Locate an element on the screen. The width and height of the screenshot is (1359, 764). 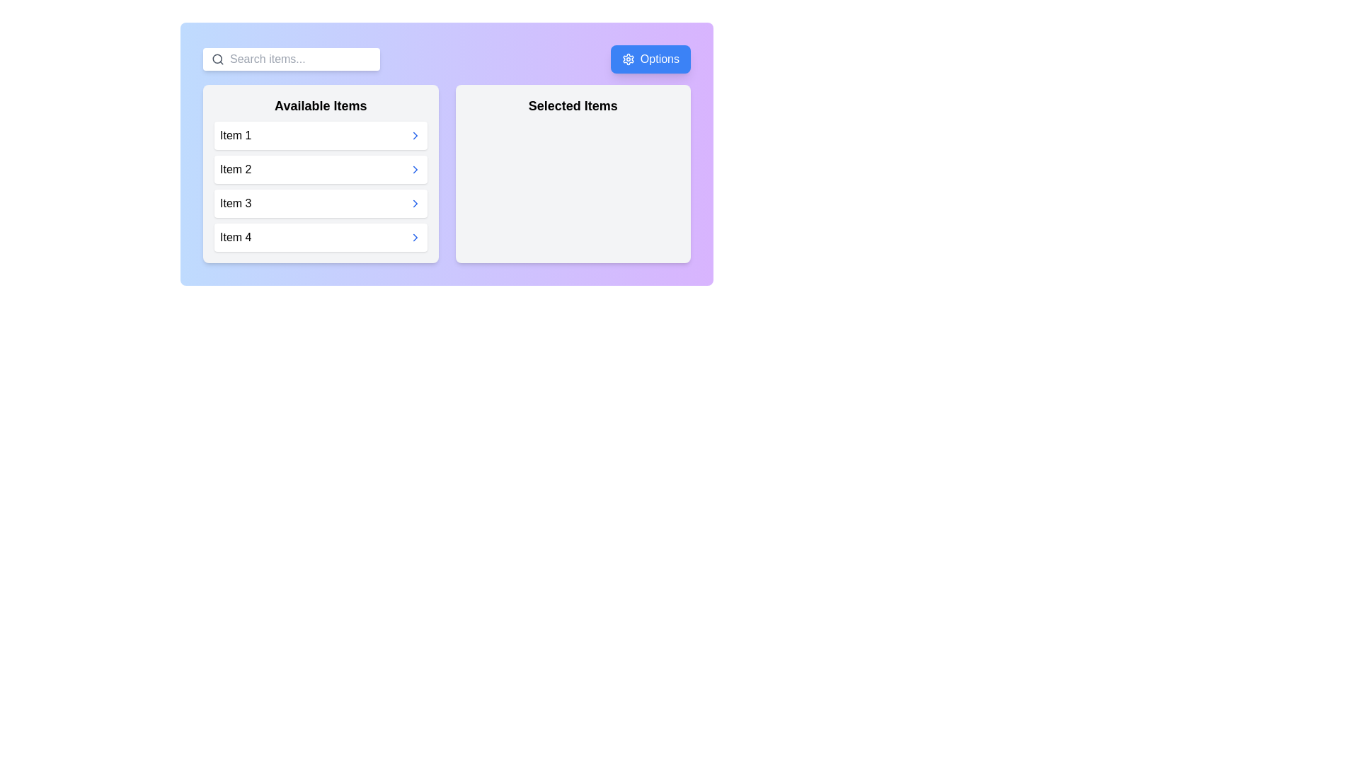
'Options' button to access additional settings is located at coordinates (650, 59).